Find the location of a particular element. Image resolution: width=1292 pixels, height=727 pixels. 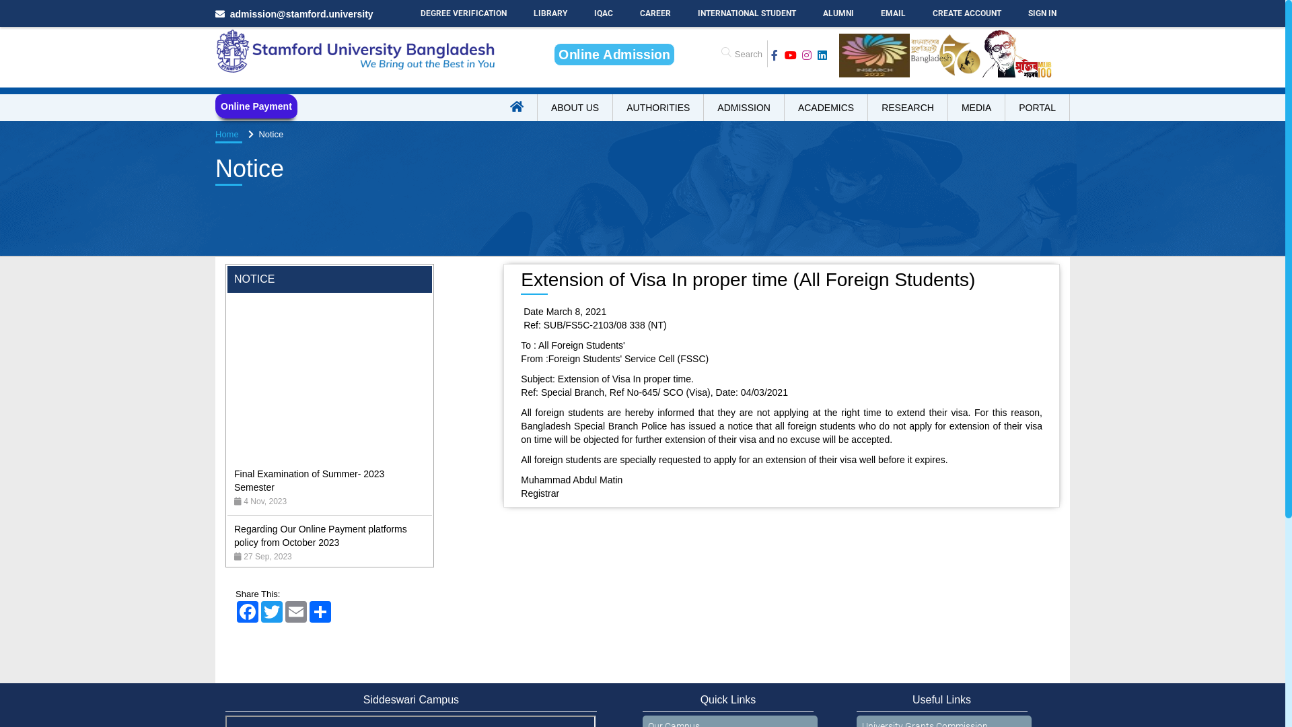

'Share' is located at coordinates (319, 612).